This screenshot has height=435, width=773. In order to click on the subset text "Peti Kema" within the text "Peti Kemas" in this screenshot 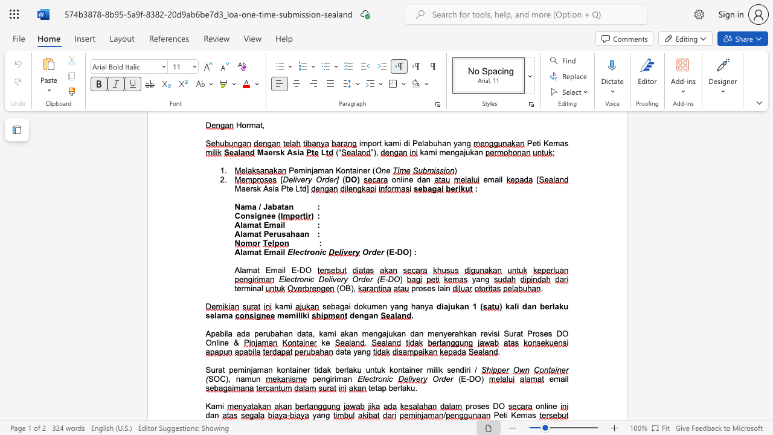, I will do `click(493, 414)`.